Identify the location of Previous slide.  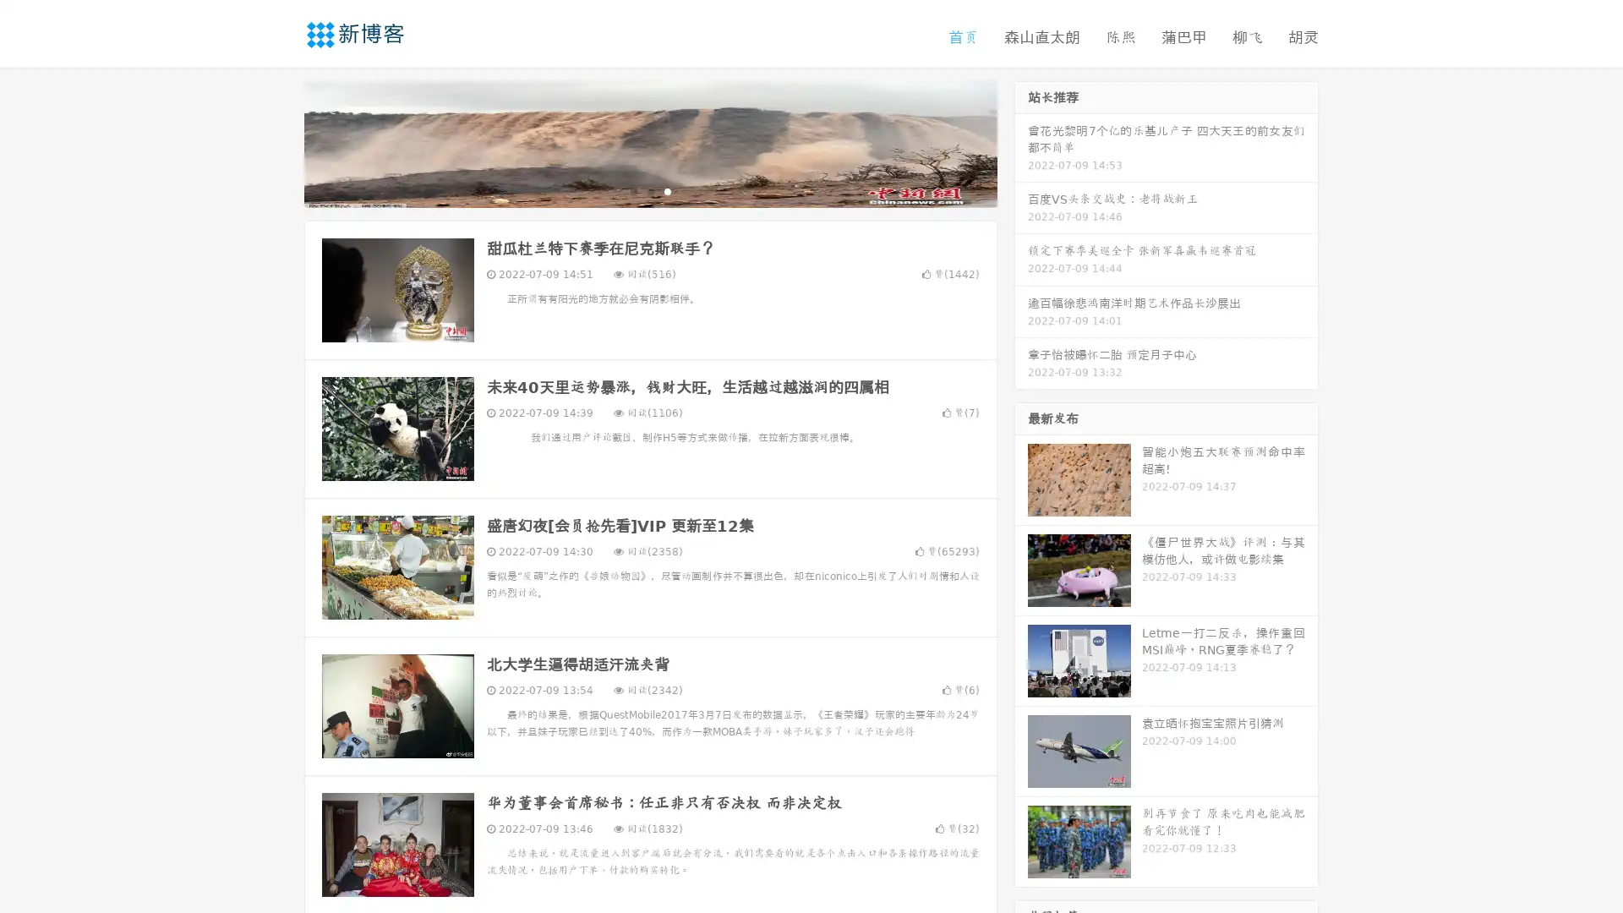
(279, 142).